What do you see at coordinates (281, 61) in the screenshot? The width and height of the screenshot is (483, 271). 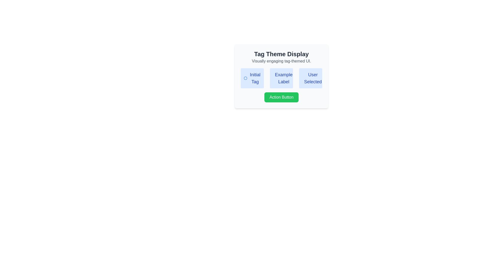 I see `the text line that reads 'Visually engaging tag-themed UI.' which is styled in gray and located directly beneath the 'Tag Theme Display' heading` at bounding box center [281, 61].